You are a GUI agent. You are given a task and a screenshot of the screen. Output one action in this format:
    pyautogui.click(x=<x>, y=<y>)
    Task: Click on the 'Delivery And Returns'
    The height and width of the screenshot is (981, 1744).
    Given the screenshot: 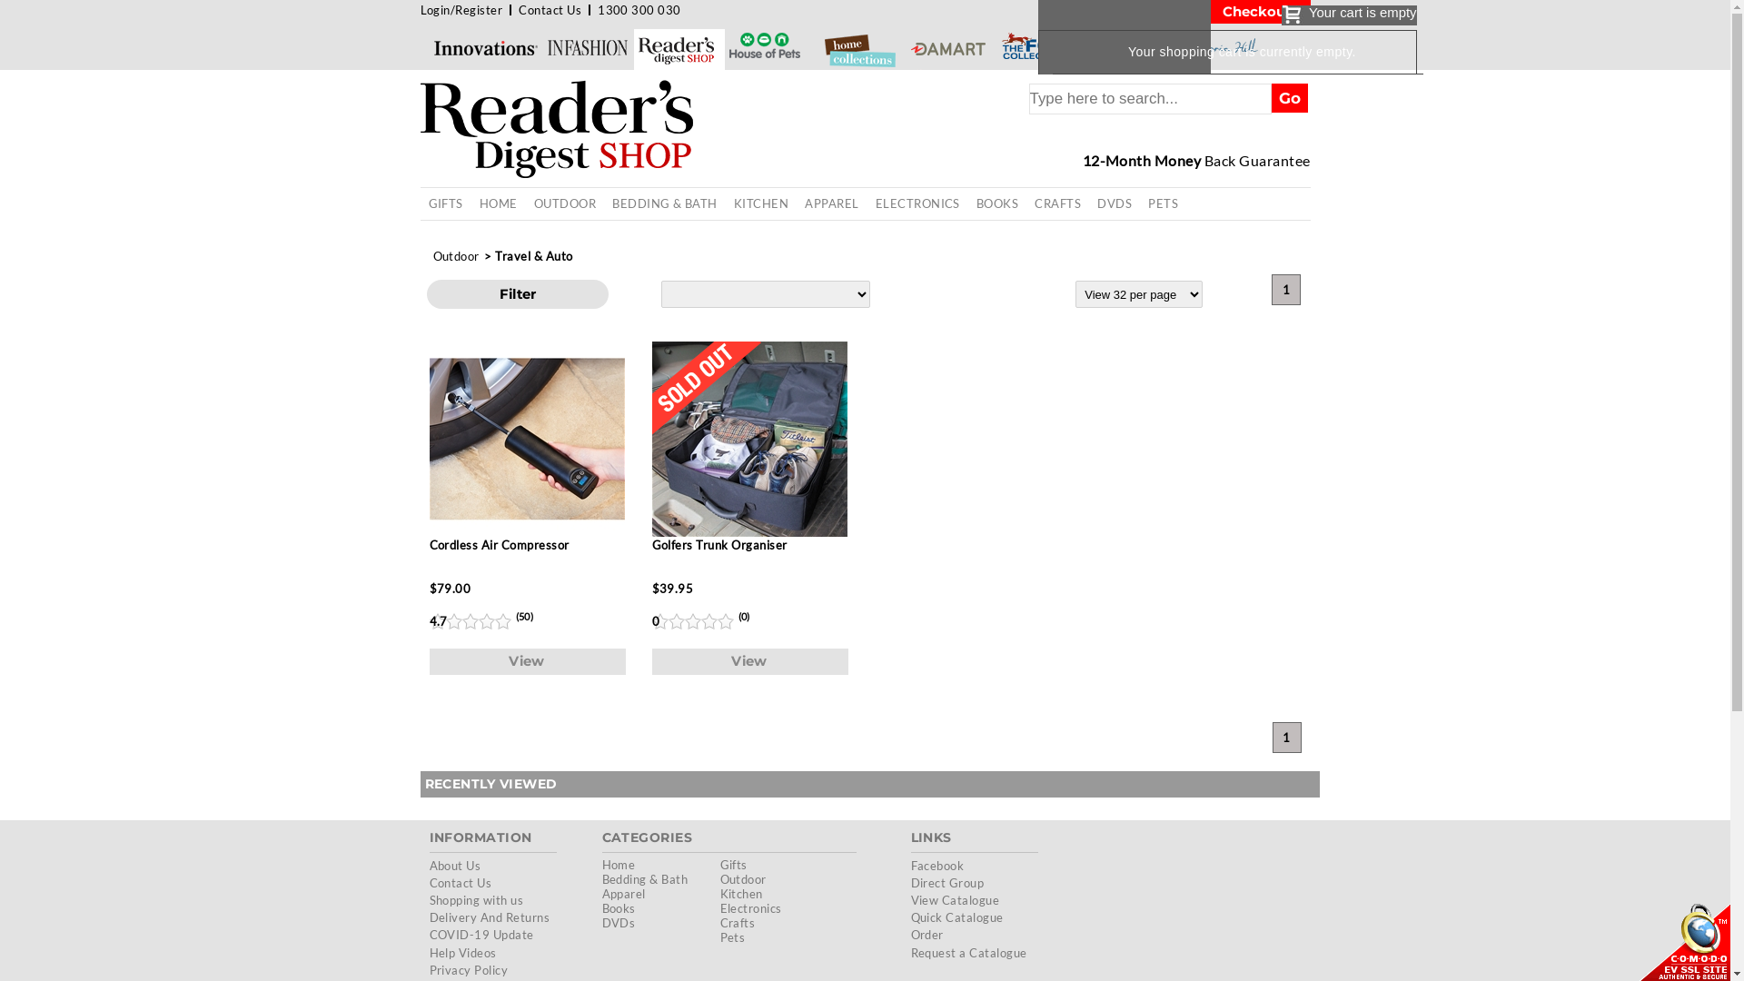 What is the action you would take?
    pyautogui.click(x=427, y=917)
    